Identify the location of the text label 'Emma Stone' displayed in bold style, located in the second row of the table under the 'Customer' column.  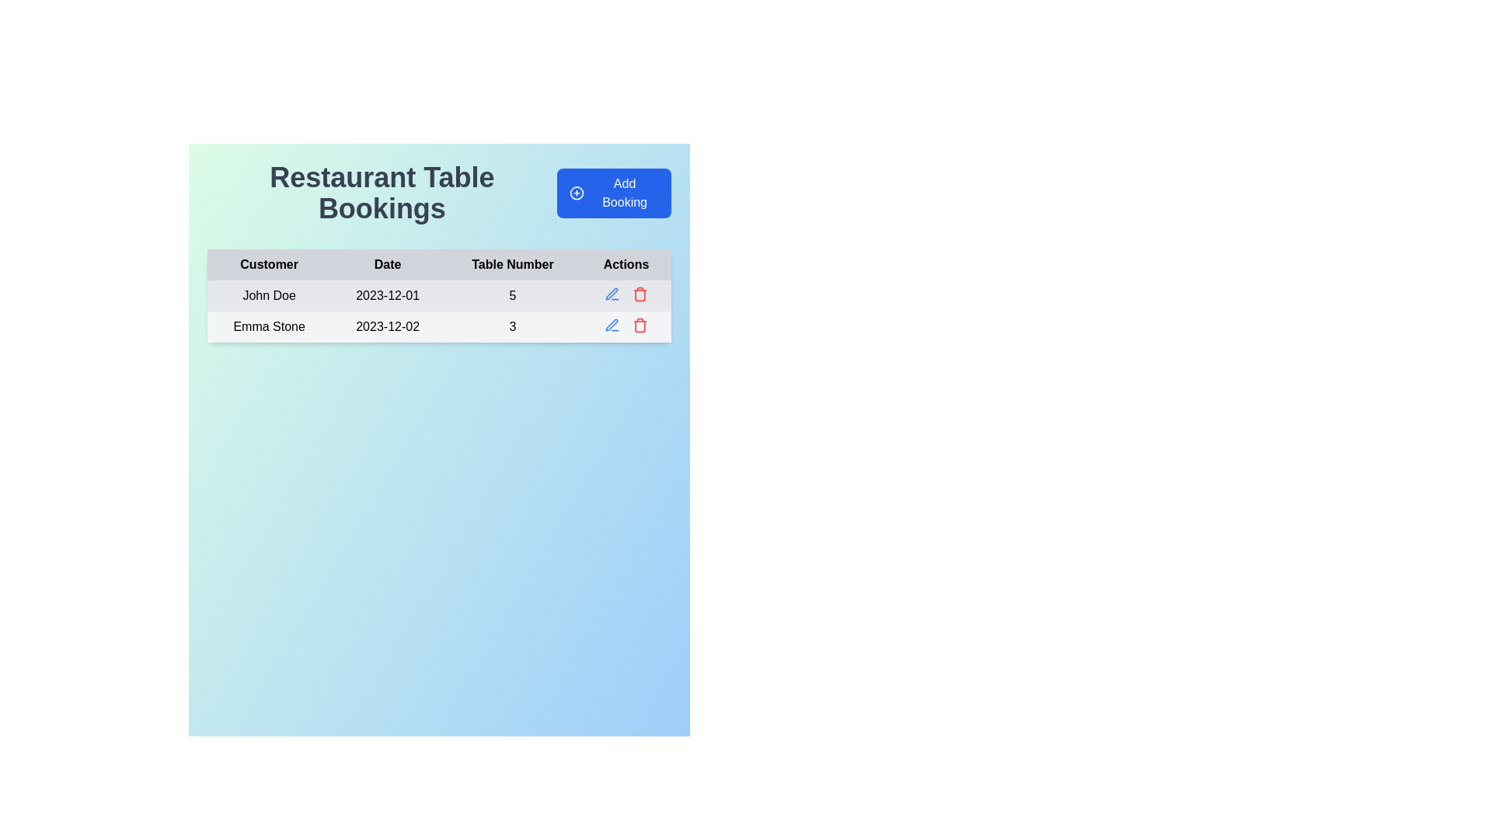
(269, 326).